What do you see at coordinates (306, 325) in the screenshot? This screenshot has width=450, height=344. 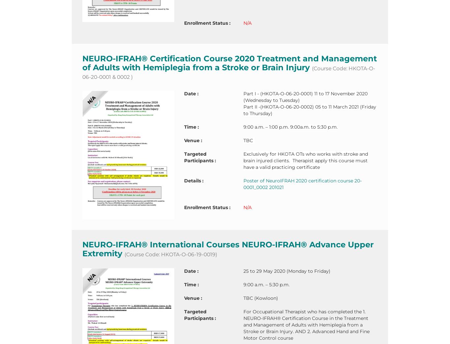 I see `'For Occupational Therapist who has completed the 1. NEURO-IFRAH® Certification Course in the Treatment and Management of Adults with Hemiplegia from a Stroke or Brain Injury. AND 2. Advanced Hand and Fine Motor Control course'` at bounding box center [306, 325].